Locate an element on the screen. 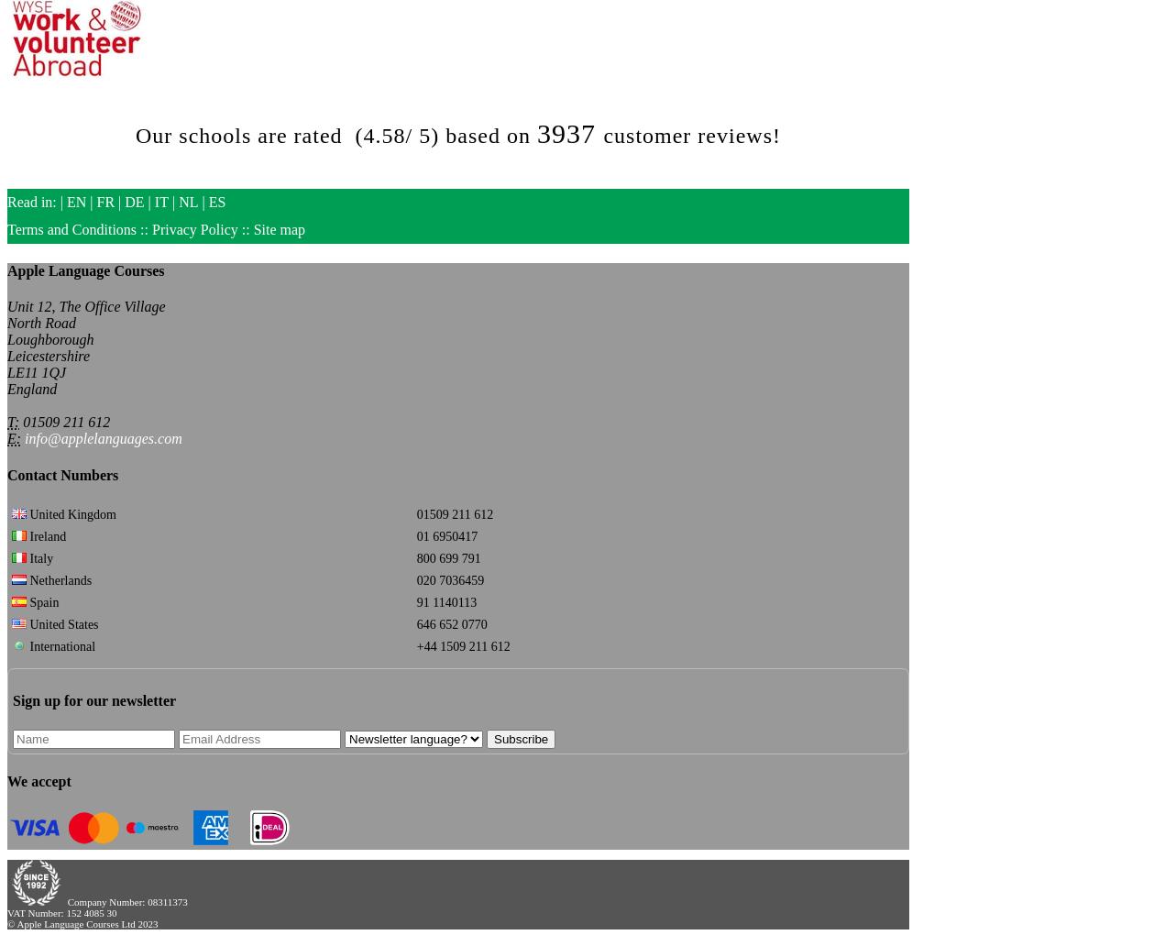 The height and width of the screenshot is (935, 1165). '01 6950417' is located at coordinates (445, 535).